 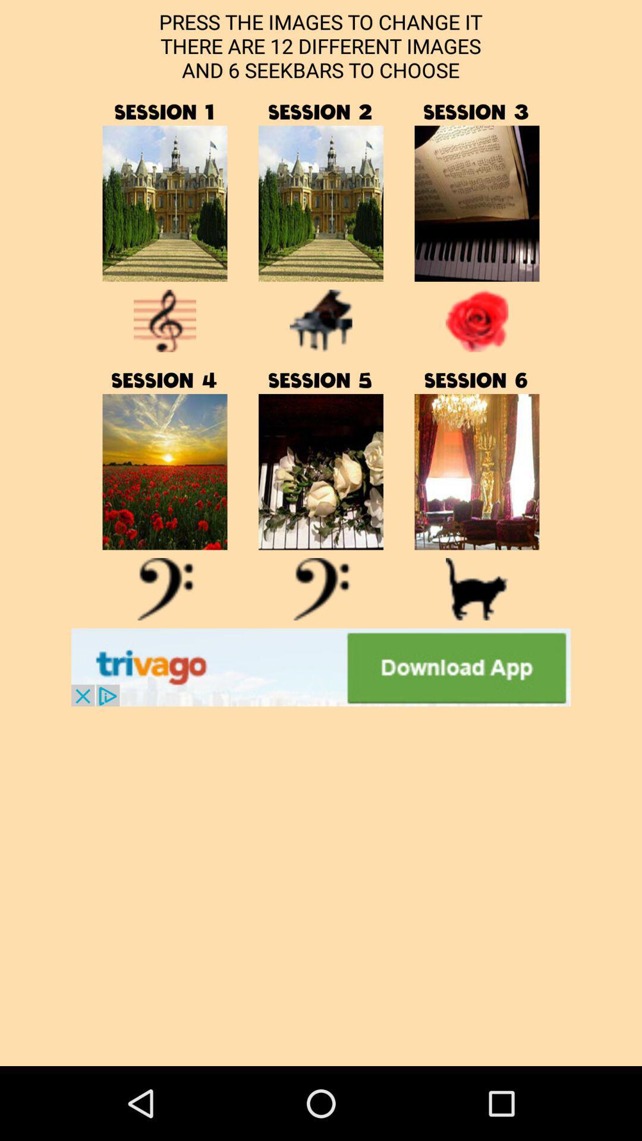 I want to click on open session 4, so click(x=165, y=589).